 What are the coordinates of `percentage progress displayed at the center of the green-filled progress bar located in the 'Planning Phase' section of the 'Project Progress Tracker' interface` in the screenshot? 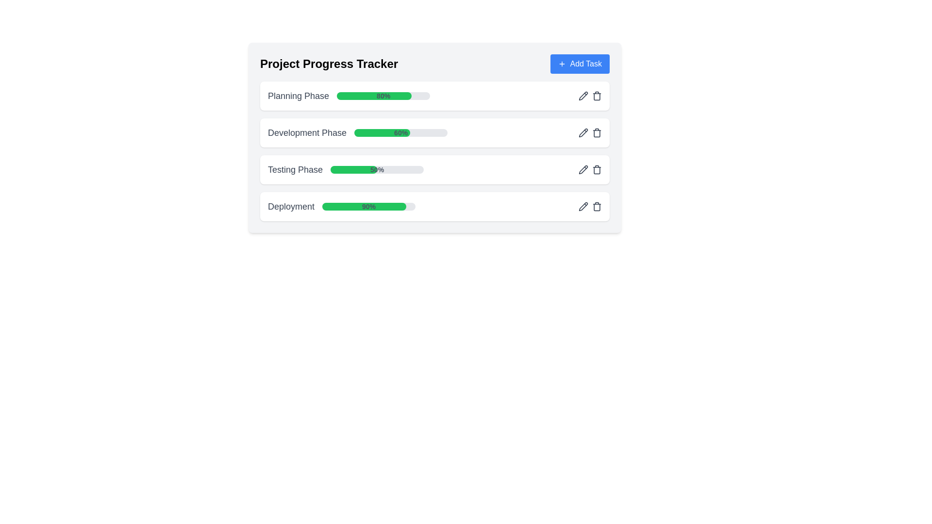 It's located at (383, 96).